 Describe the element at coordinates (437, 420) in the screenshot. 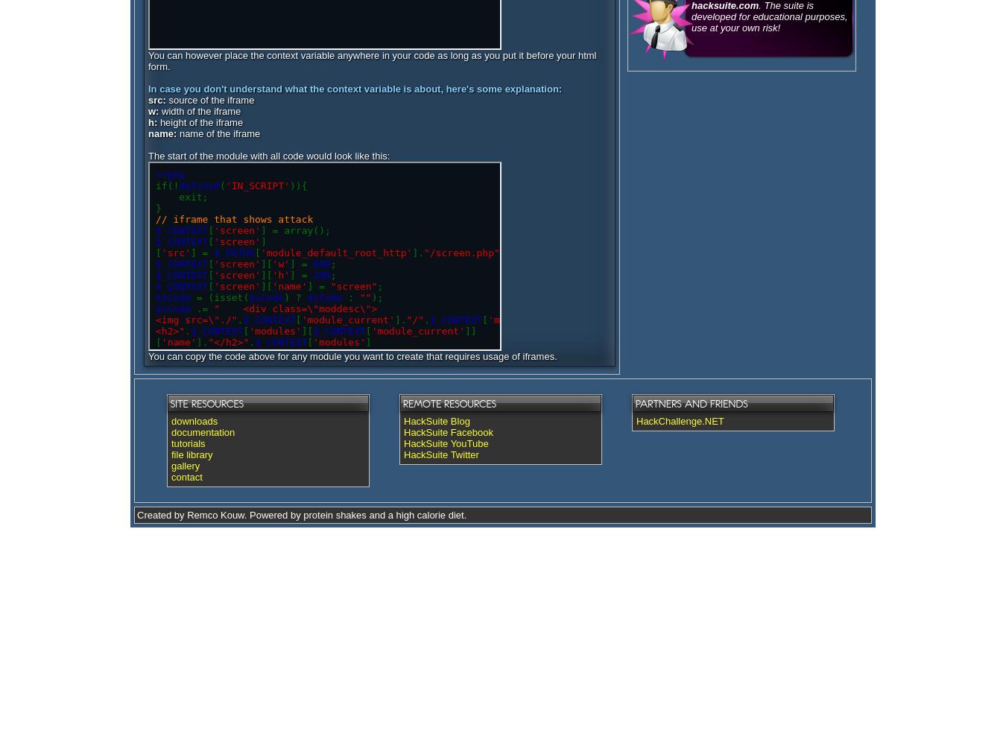

I see `'HackSuite Blog'` at that location.